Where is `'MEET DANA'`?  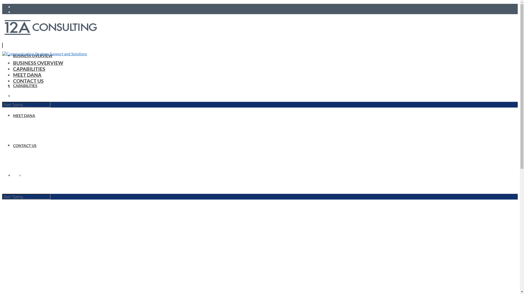
'MEET DANA' is located at coordinates (13, 75).